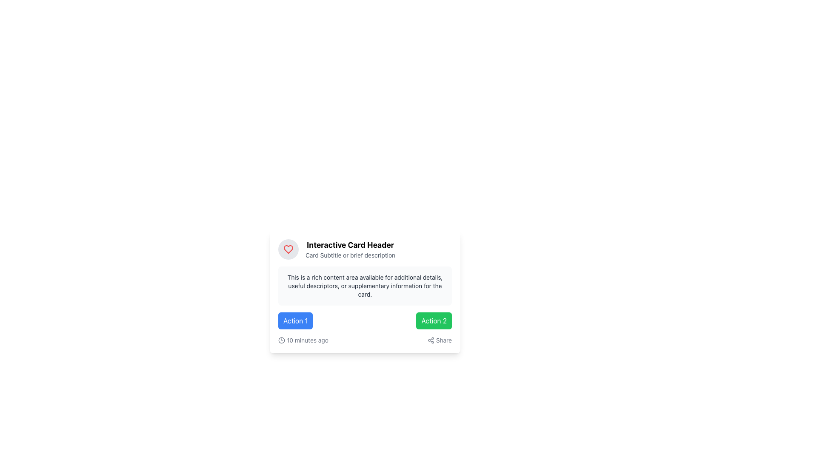 The width and height of the screenshot is (817, 459). Describe the element at coordinates (295, 321) in the screenshot. I see `the rectangular blue button labeled 'Action 1'` at that location.